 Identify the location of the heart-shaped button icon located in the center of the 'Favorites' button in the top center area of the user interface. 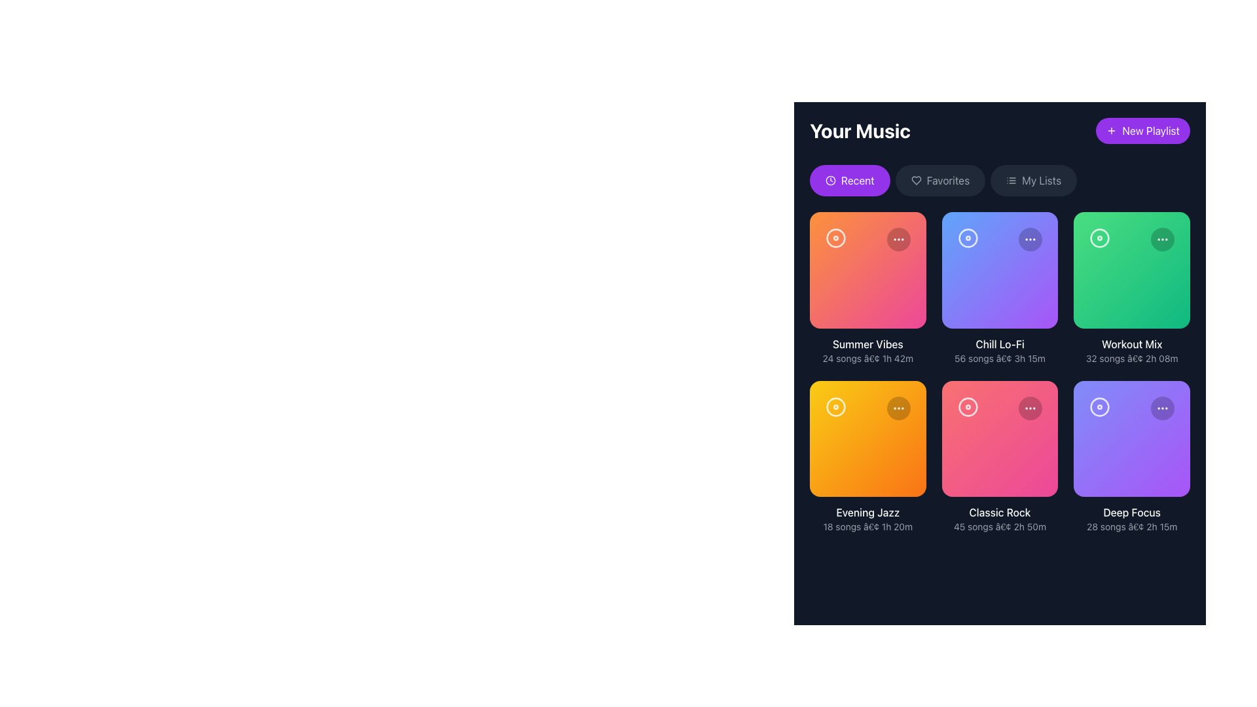
(915, 181).